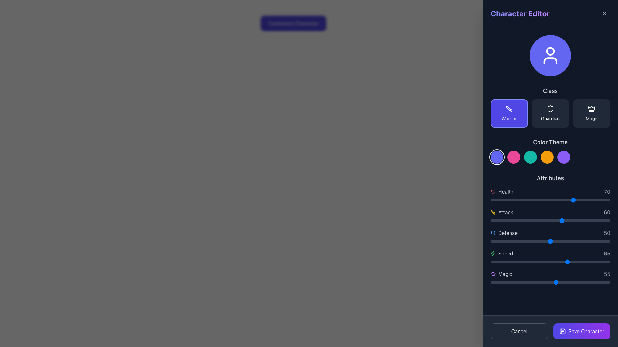  Describe the element at coordinates (562, 220) in the screenshot. I see `the Attack attribute` at that location.